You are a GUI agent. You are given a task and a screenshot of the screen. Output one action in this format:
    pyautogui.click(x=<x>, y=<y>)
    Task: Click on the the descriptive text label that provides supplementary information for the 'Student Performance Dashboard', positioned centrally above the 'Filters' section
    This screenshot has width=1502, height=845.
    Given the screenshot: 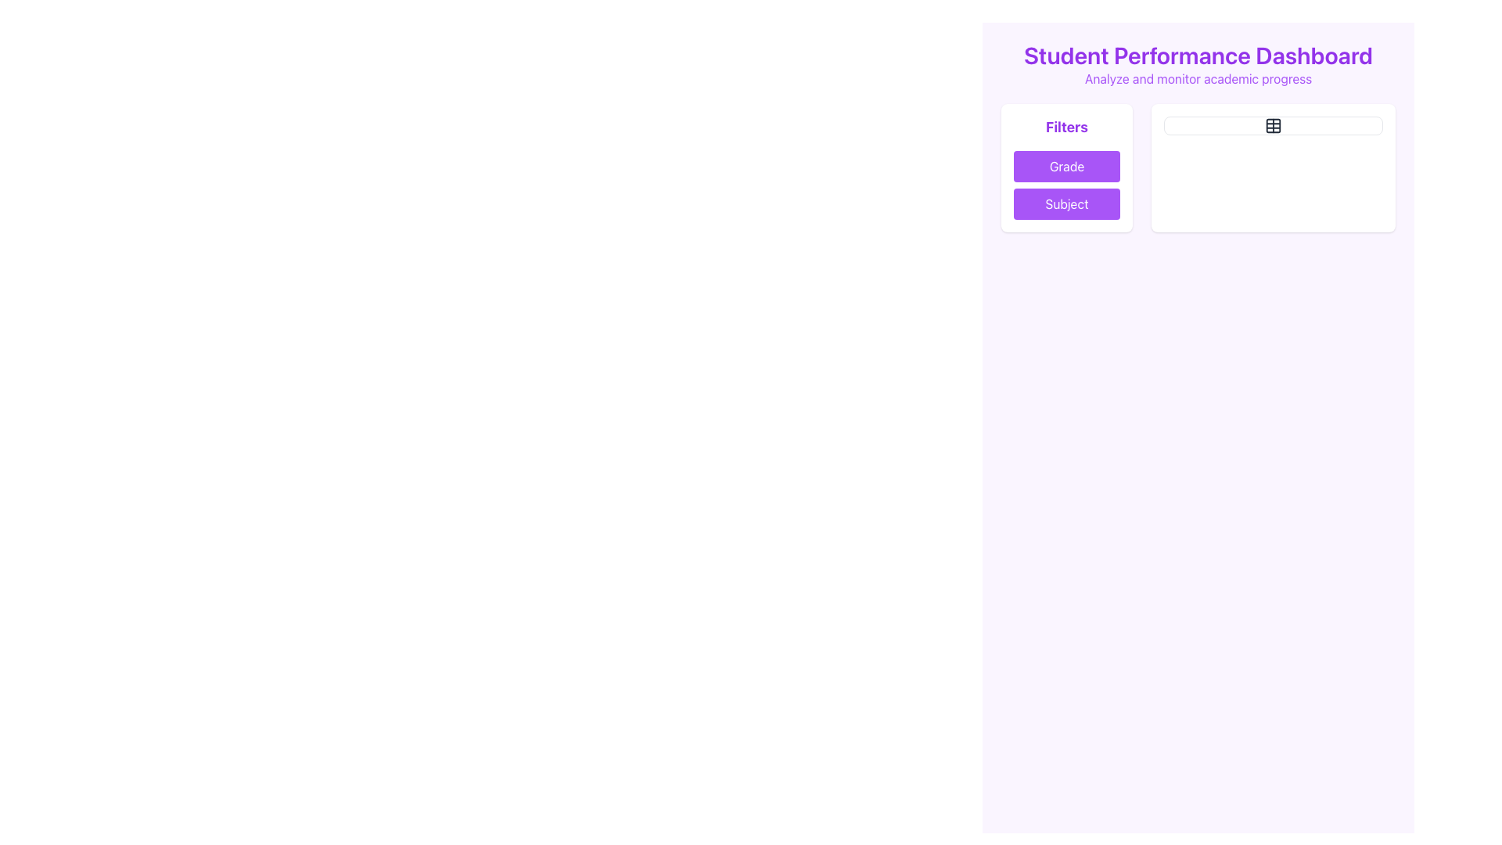 What is the action you would take?
    pyautogui.click(x=1197, y=78)
    